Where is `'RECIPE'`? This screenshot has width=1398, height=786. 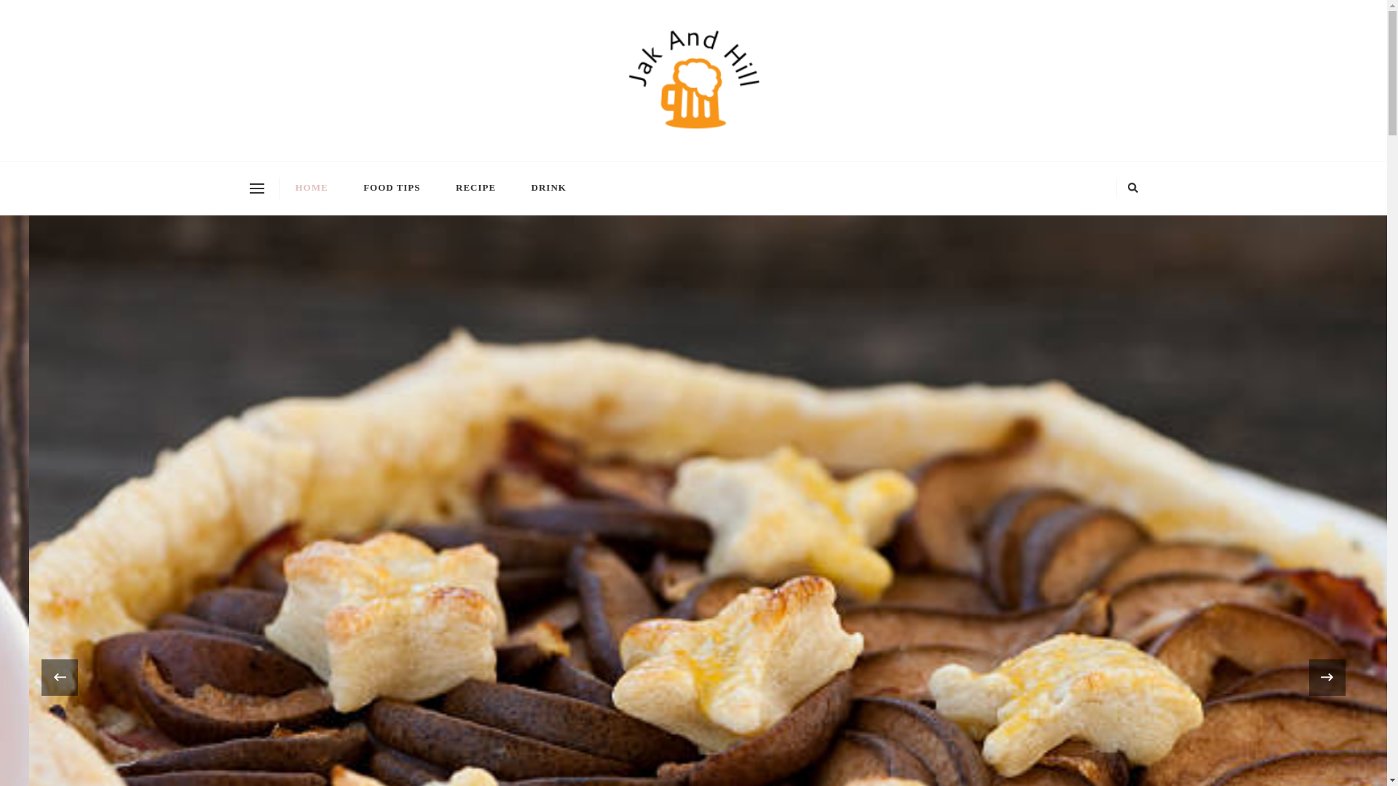
'RECIPE' is located at coordinates (475, 187).